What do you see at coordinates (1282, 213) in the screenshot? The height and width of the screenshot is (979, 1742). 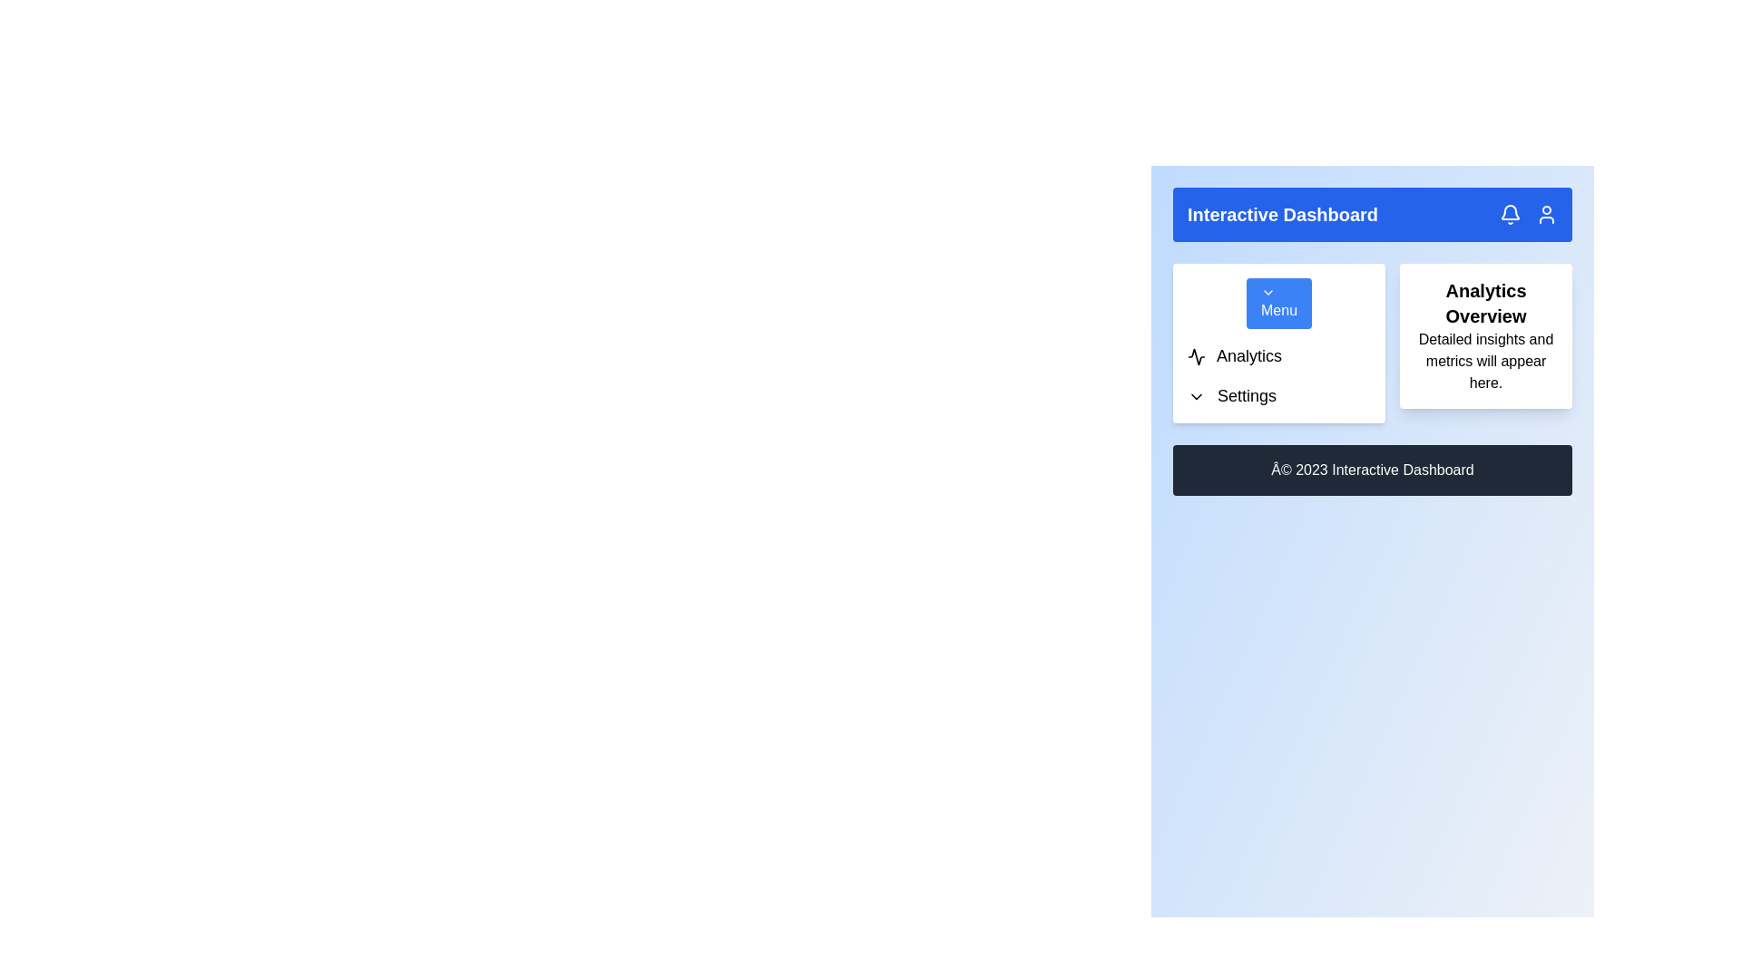 I see `the static text label located in the blue navigation bar, indicating the name of the page or application` at bounding box center [1282, 213].